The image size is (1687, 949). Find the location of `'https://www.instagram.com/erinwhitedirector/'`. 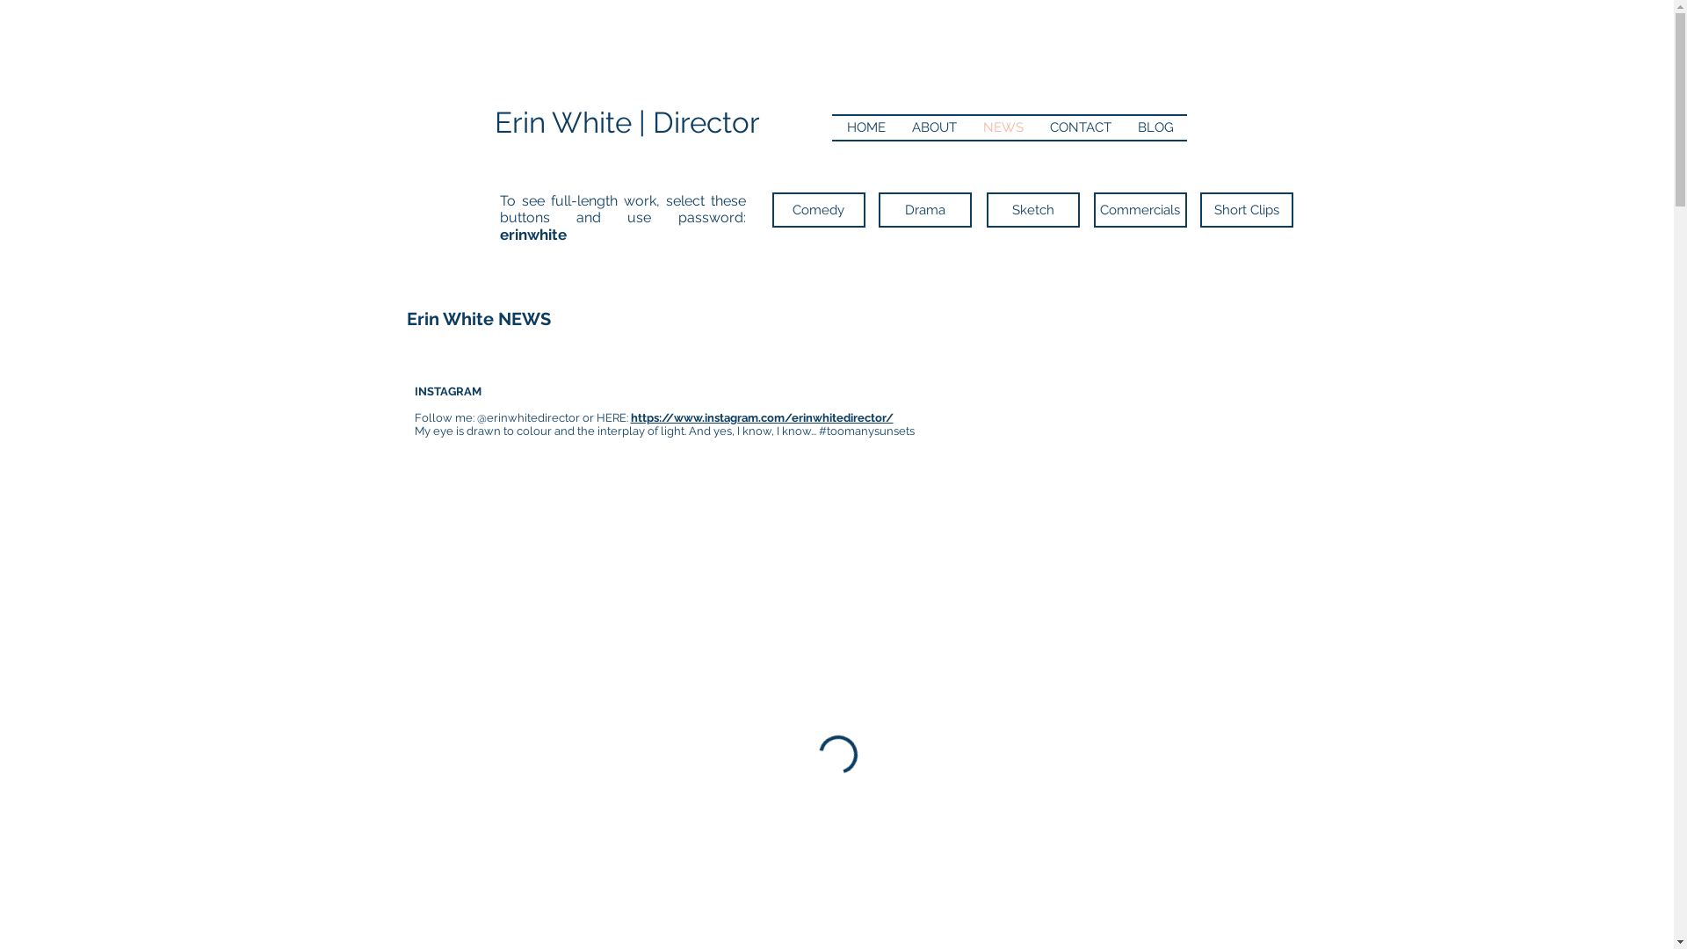

'https://www.instagram.com/erinwhitedirector/' is located at coordinates (762, 417).